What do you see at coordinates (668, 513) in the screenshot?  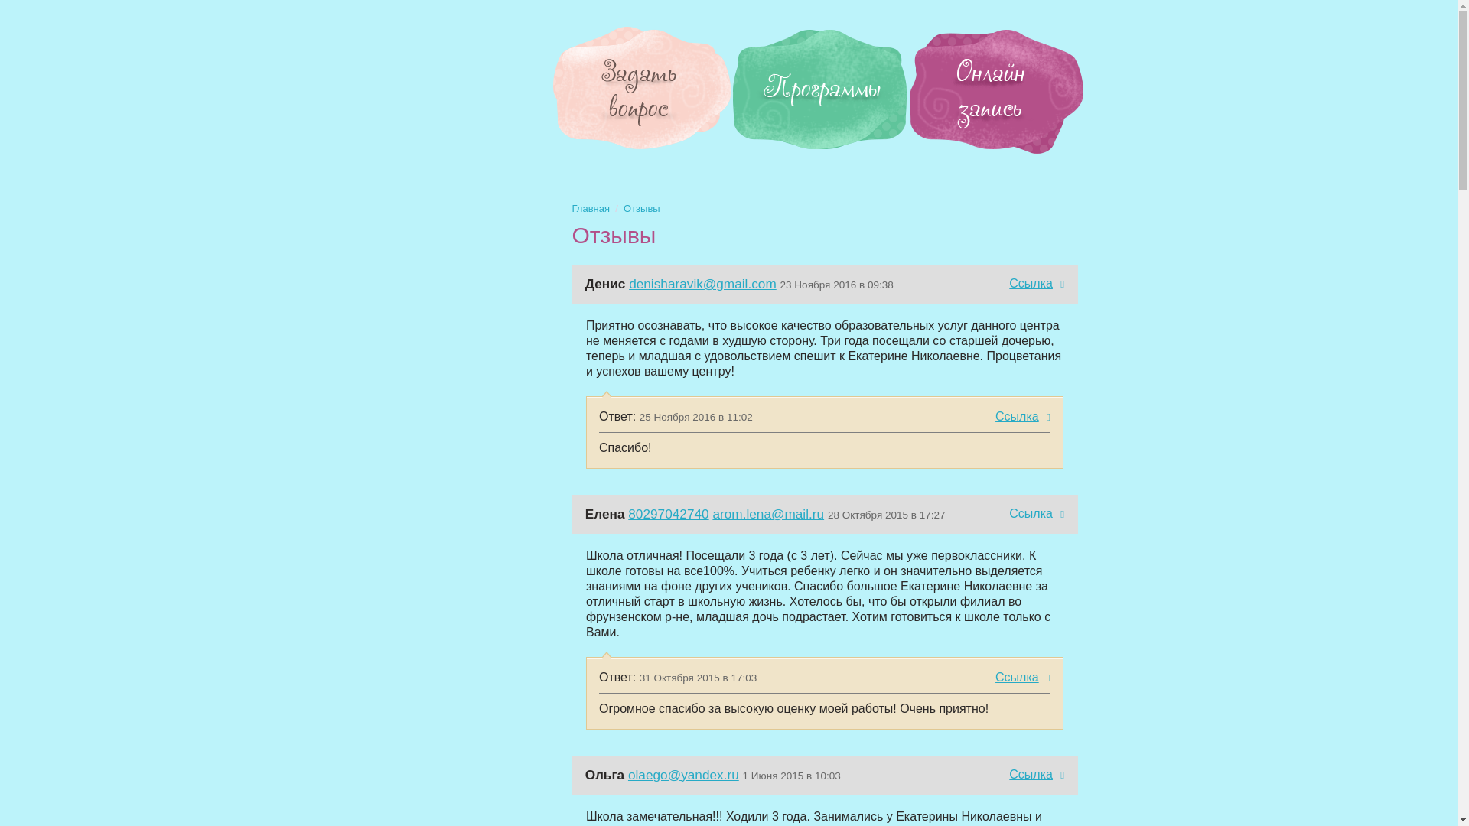 I see `'80297042740'` at bounding box center [668, 513].